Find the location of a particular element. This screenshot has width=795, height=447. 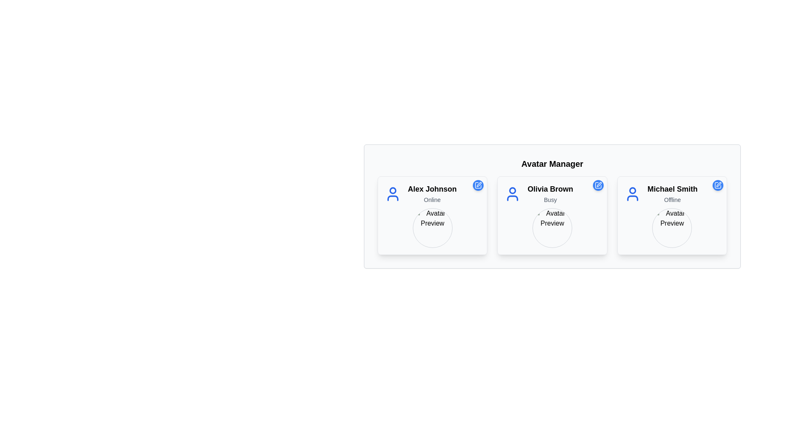

the small circular blue button with a white pen icon located at the upper-right corner of 'Michael Smith's' profile card is located at coordinates (717, 185).